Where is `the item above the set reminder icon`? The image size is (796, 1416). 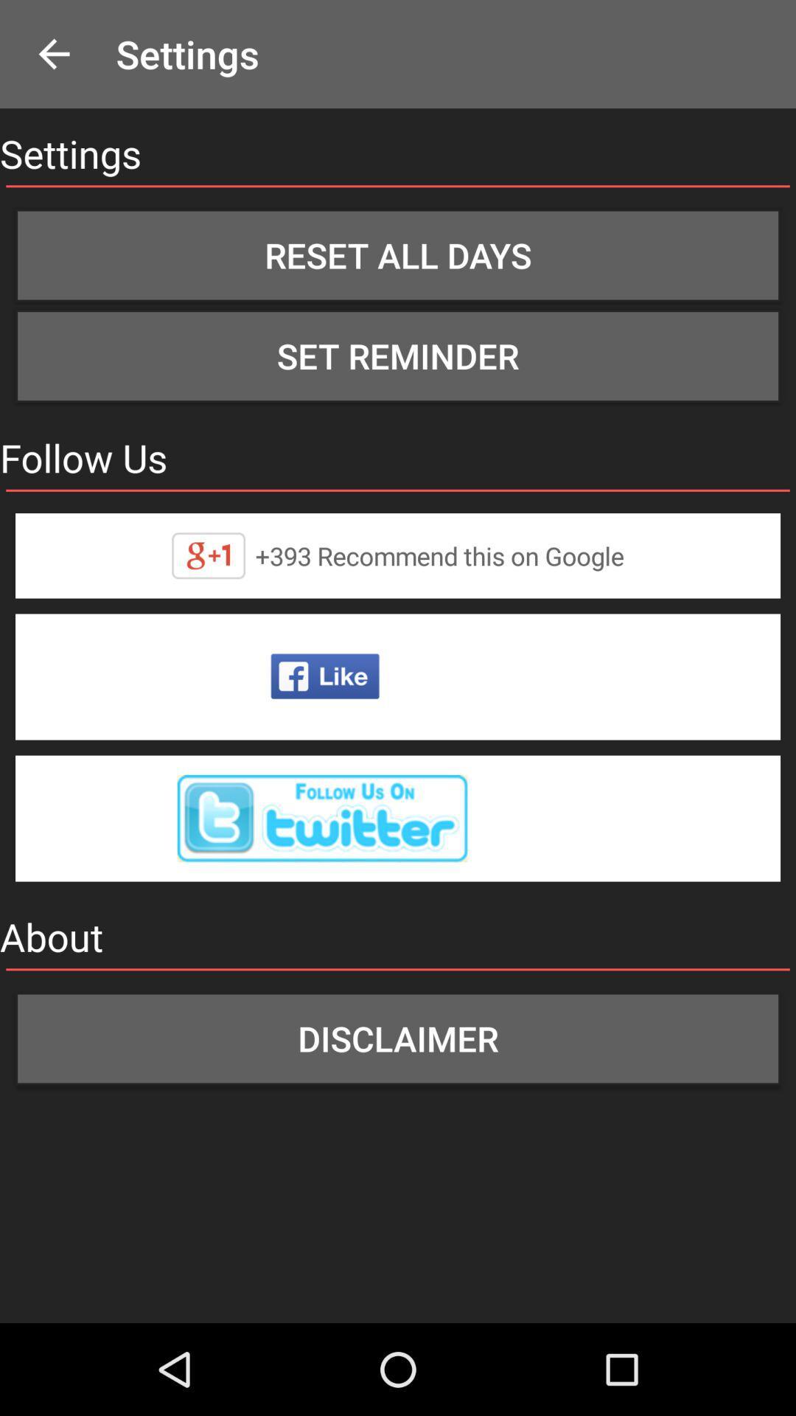 the item above the set reminder icon is located at coordinates (398, 255).